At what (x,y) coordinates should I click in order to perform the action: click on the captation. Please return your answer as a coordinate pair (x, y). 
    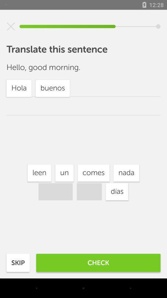
    Looking at the image, I should click on (11, 26).